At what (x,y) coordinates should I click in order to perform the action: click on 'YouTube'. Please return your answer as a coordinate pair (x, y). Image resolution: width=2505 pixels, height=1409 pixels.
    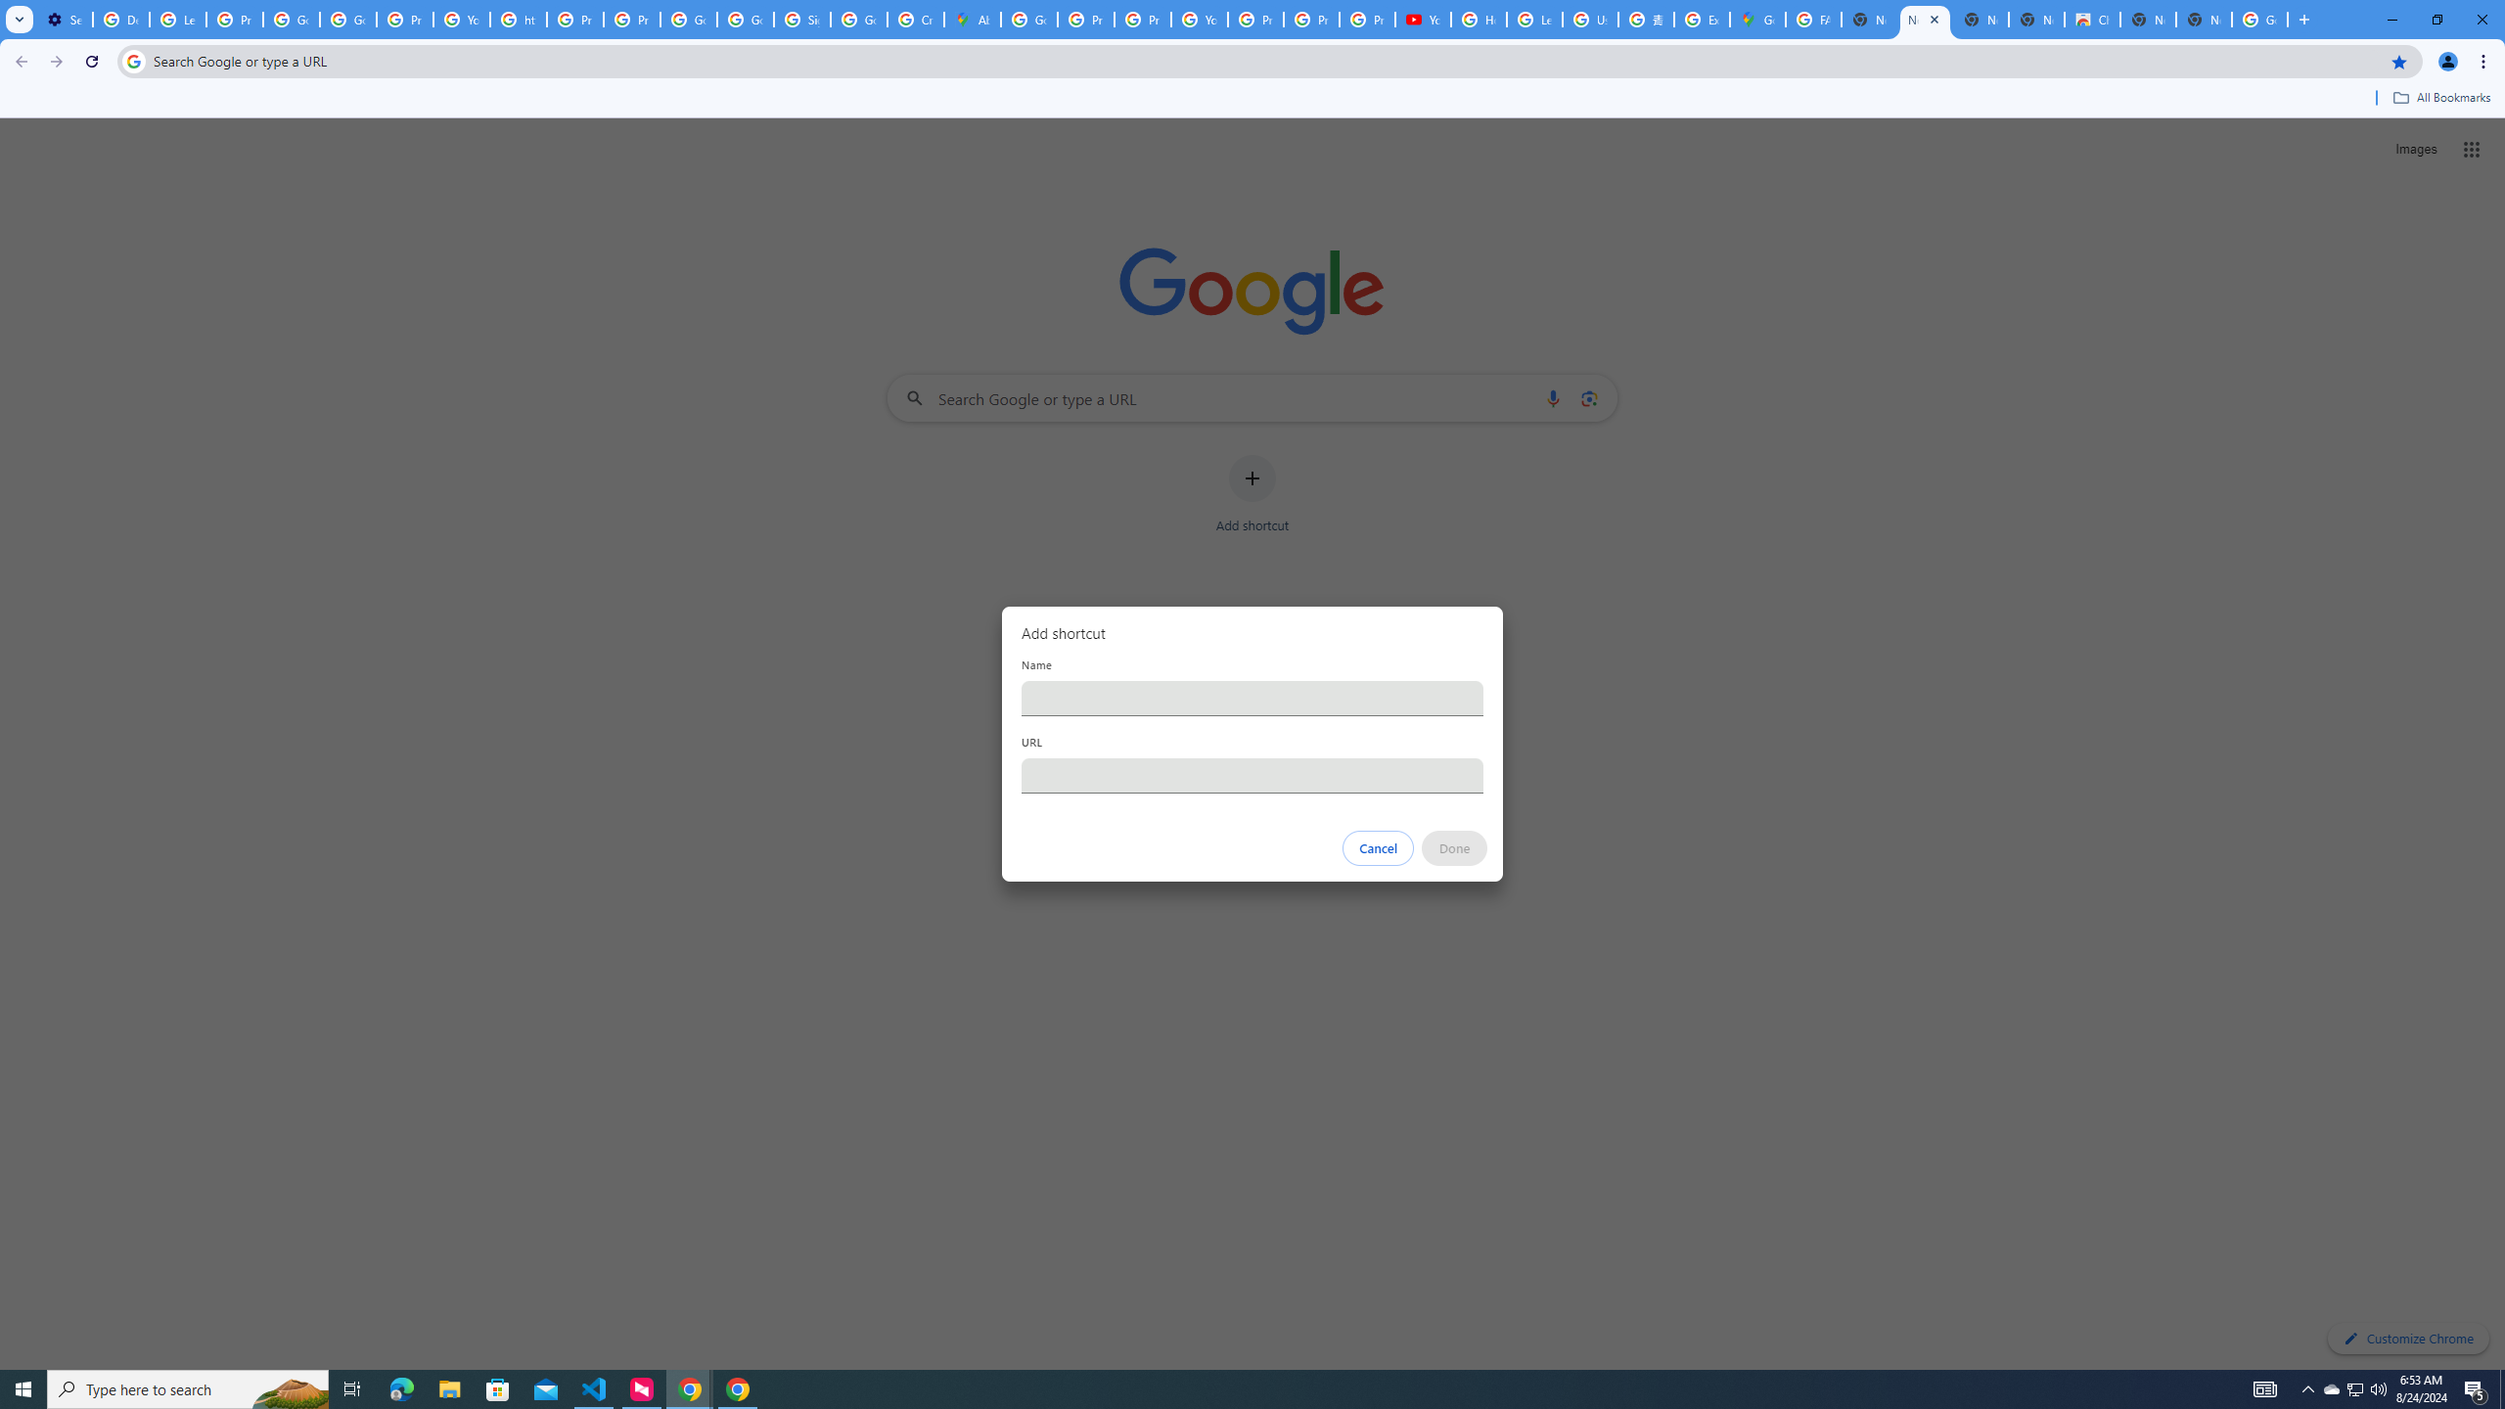
    Looking at the image, I should click on (1424, 19).